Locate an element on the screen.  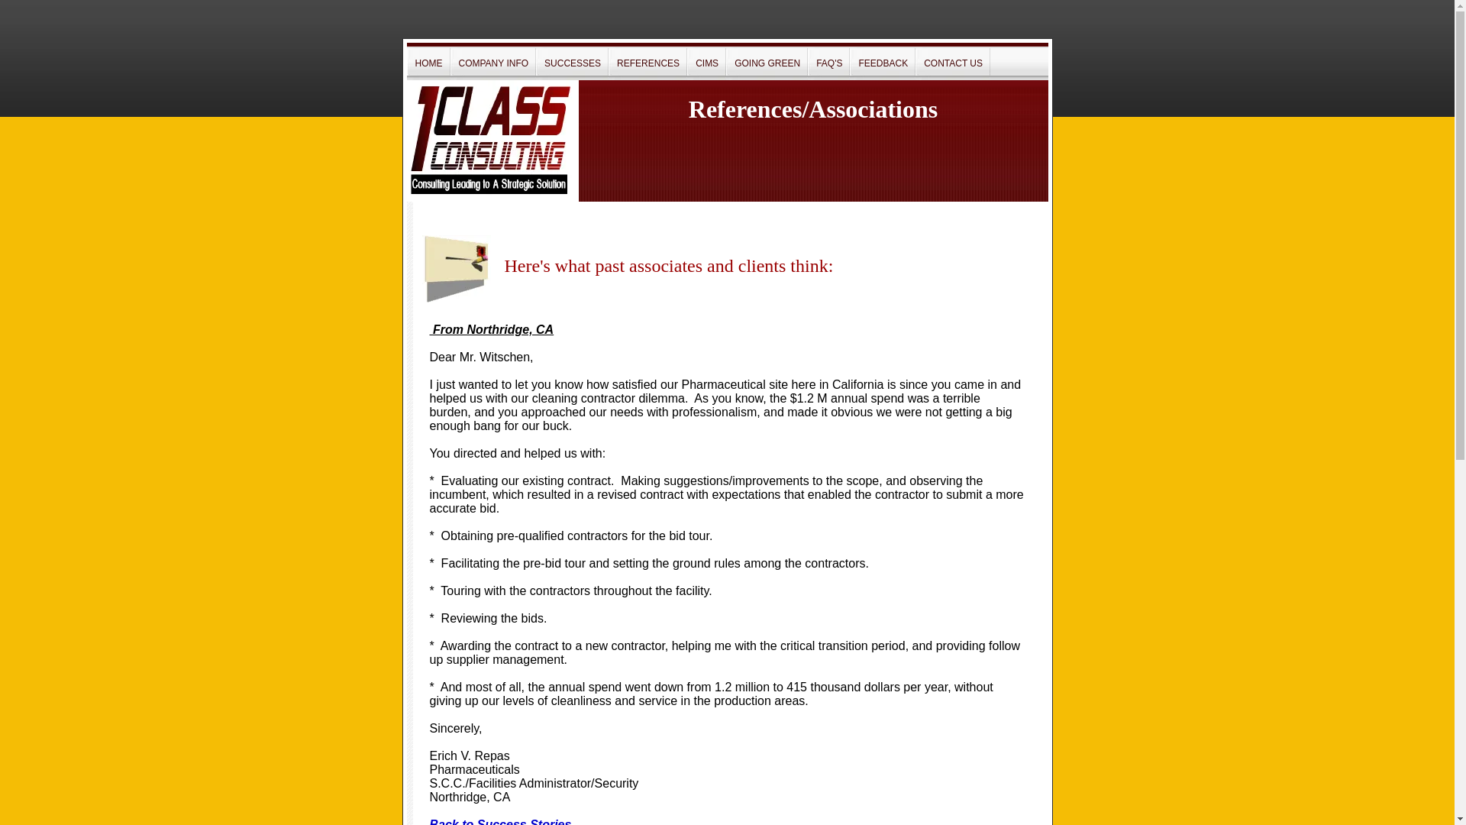
'REFERENCES' is located at coordinates (648, 63).